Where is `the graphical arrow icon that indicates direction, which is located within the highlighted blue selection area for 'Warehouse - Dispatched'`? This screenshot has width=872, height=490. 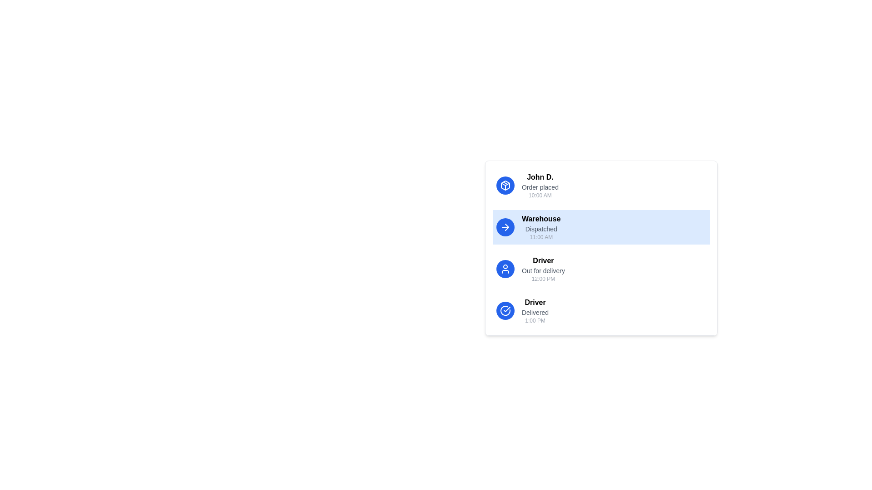
the graphical arrow icon that indicates direction, which is located within the highlighted blue selection area for 'Warehouse - Dispatched' is located at coordinates (506, 227).